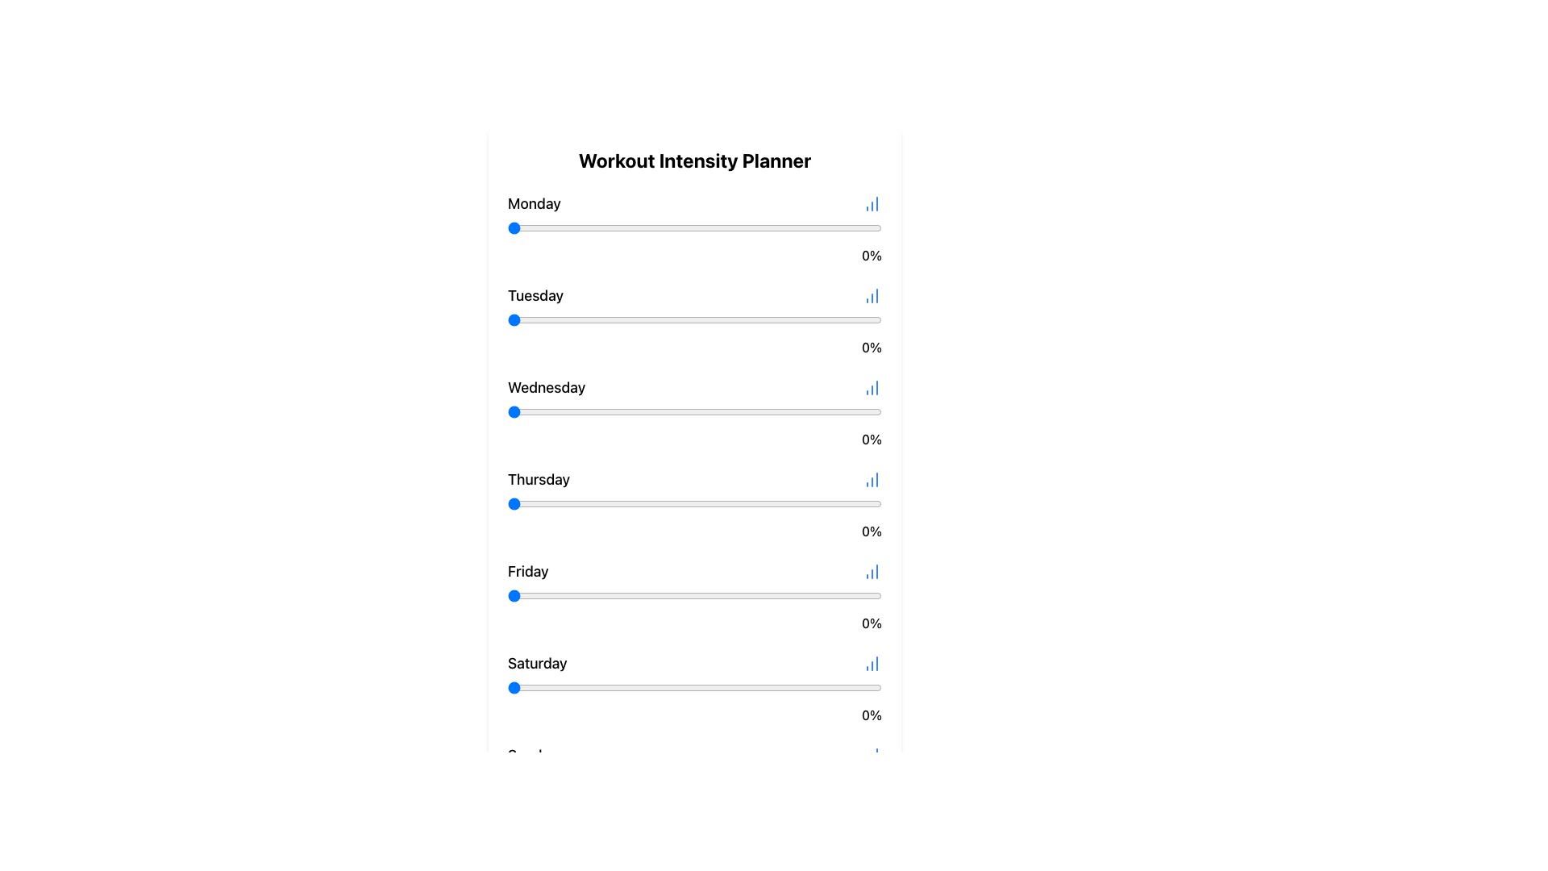 Image resolution: width=1548 pixels, height=871 pixels. What do you see at coordinates (855, 410) in the screenshot?
I see `the Wednesday workout intensity` at bounding box center [855, 410].